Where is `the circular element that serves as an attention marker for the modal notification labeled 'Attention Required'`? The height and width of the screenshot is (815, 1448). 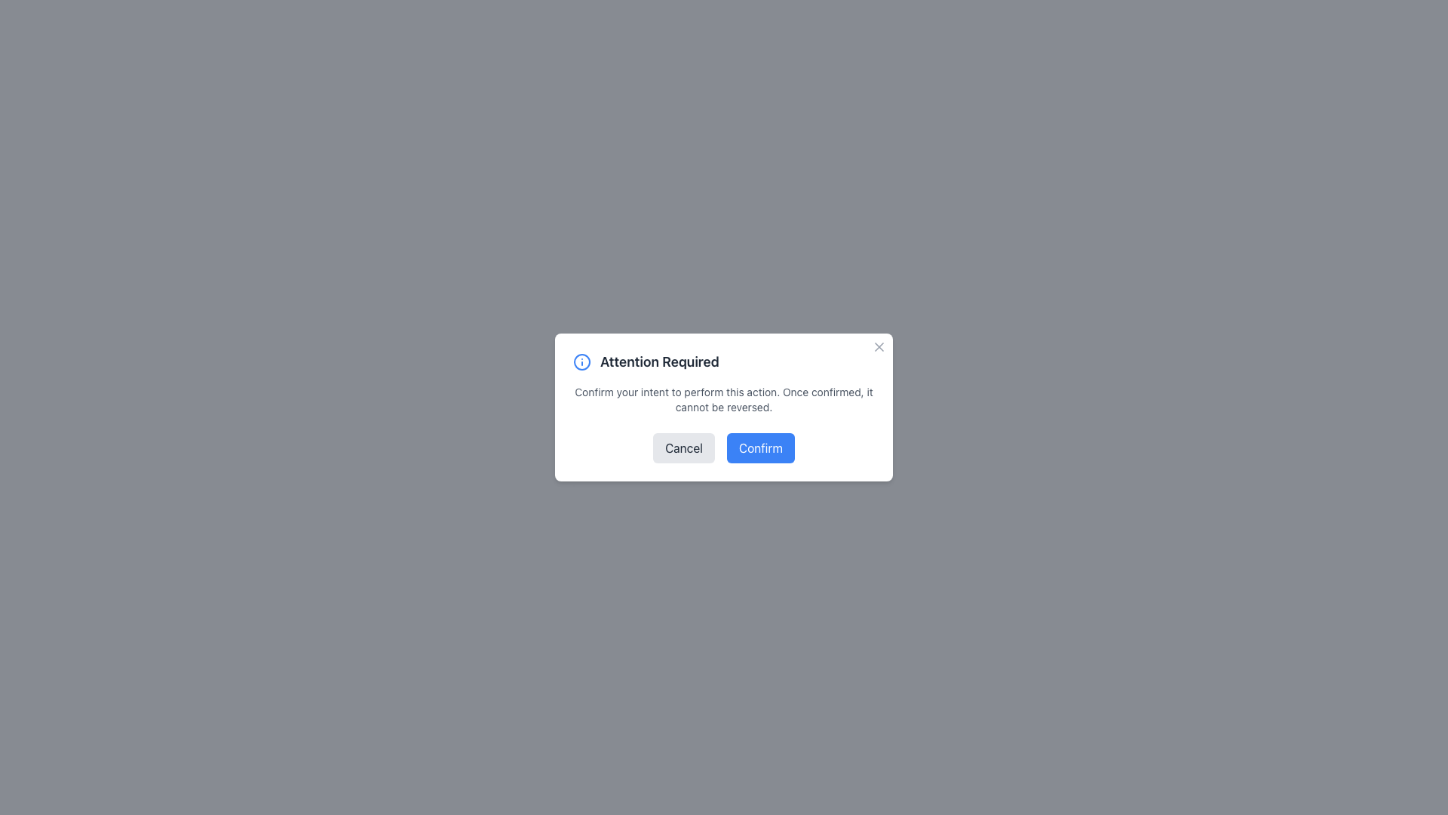
the circular element that serves as an attention marker for the modal notification labeled 'Attention Required' is located at coordinates (581, 361).